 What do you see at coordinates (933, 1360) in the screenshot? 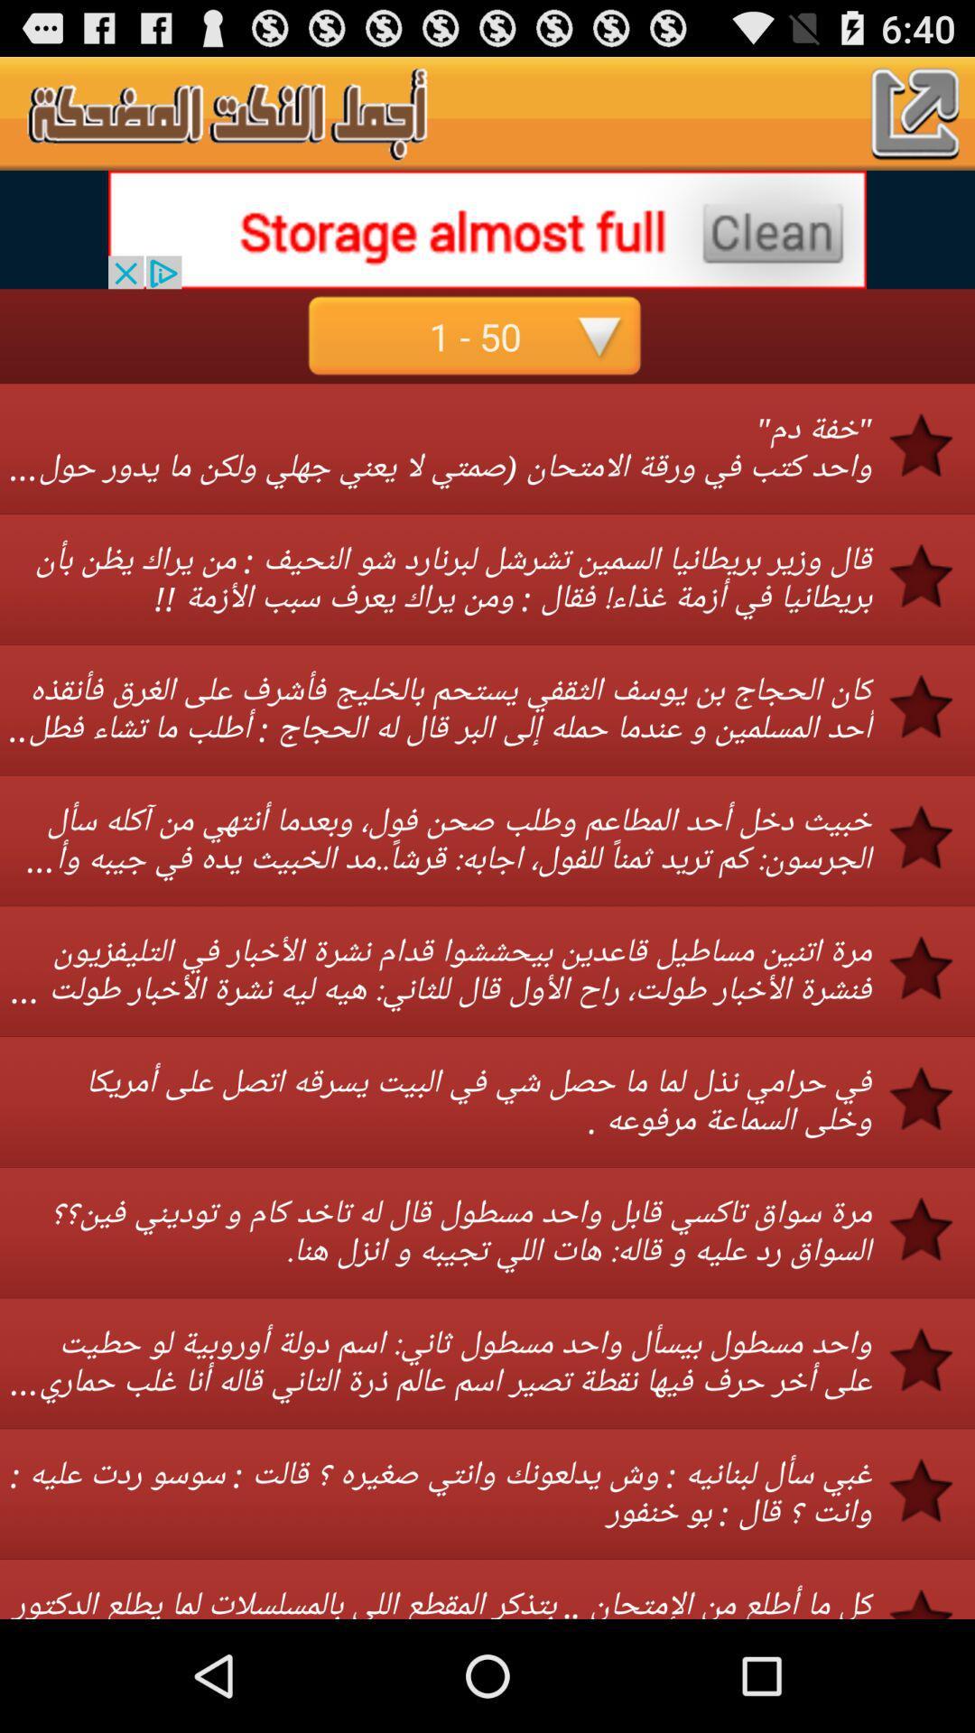
I see `the third star from the bottom` at bounding box center [933, 1360].